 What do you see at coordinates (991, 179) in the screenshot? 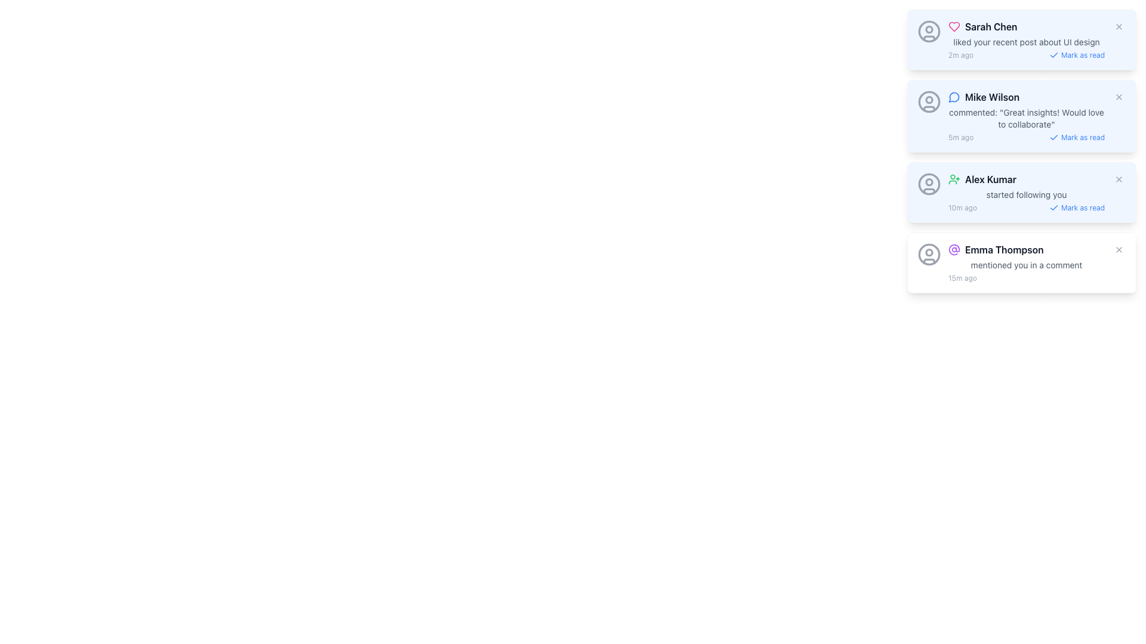
I see `the text label displaying 'Alex Kumar' that is styled in bold and dark gray, located within the third notification item, to the right of the user icon with a green '+' symbol` at bounding box center [991, 179].